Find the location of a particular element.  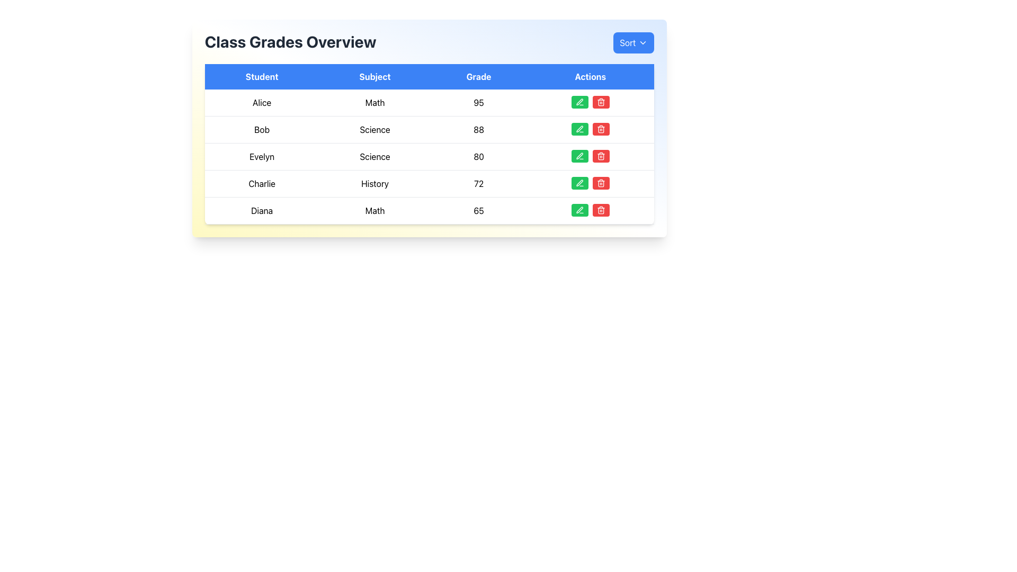

header text from the first tab labeled 'Student' which has a bright blue background and white bold text is located at coordinates (262, 76).